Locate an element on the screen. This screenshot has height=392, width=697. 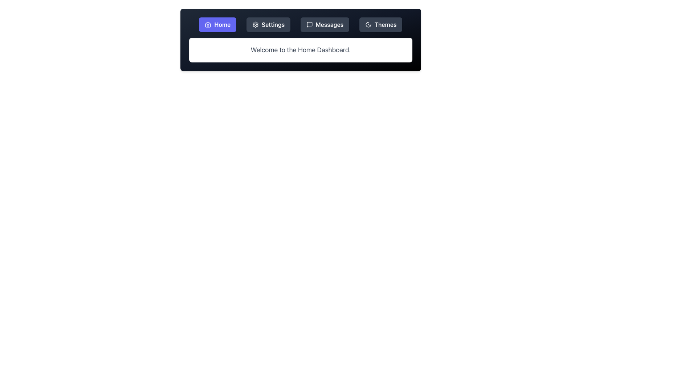
the 'Themes' text label, which is displayed in bold white font on a dark background in the top-right corner of the navigation bar is located at coordinates (385, 24).